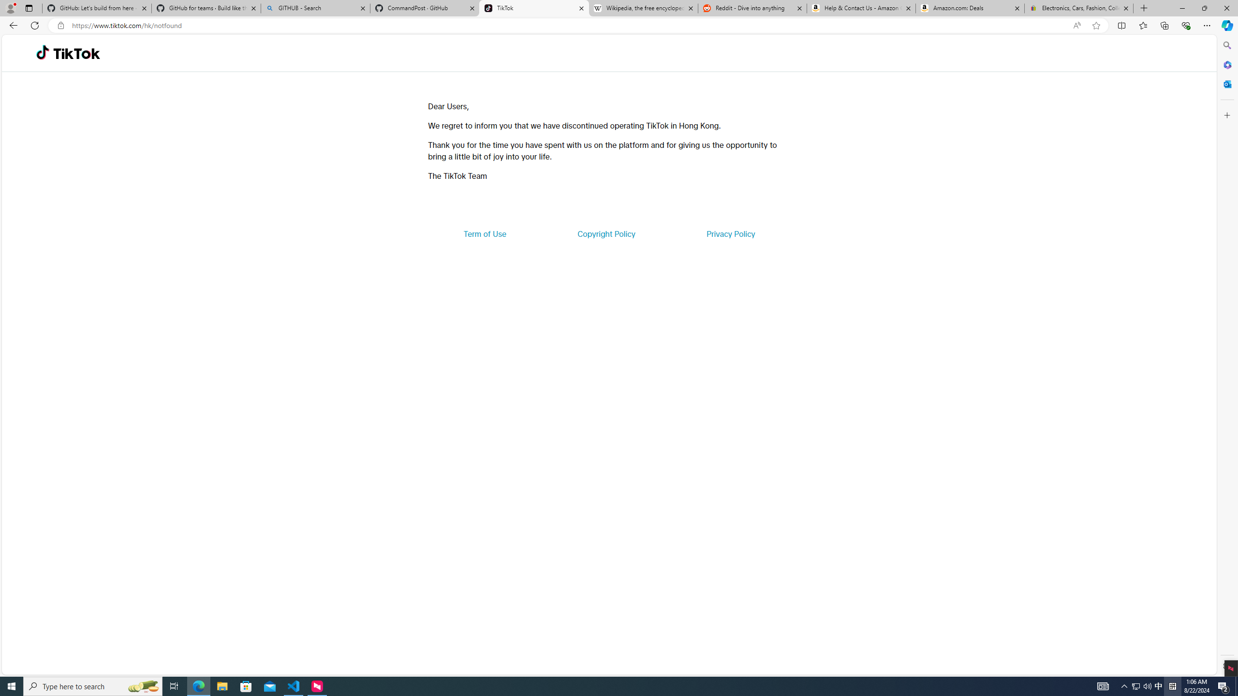  I want to click on 'Tab actions menu', so click(29, 8).